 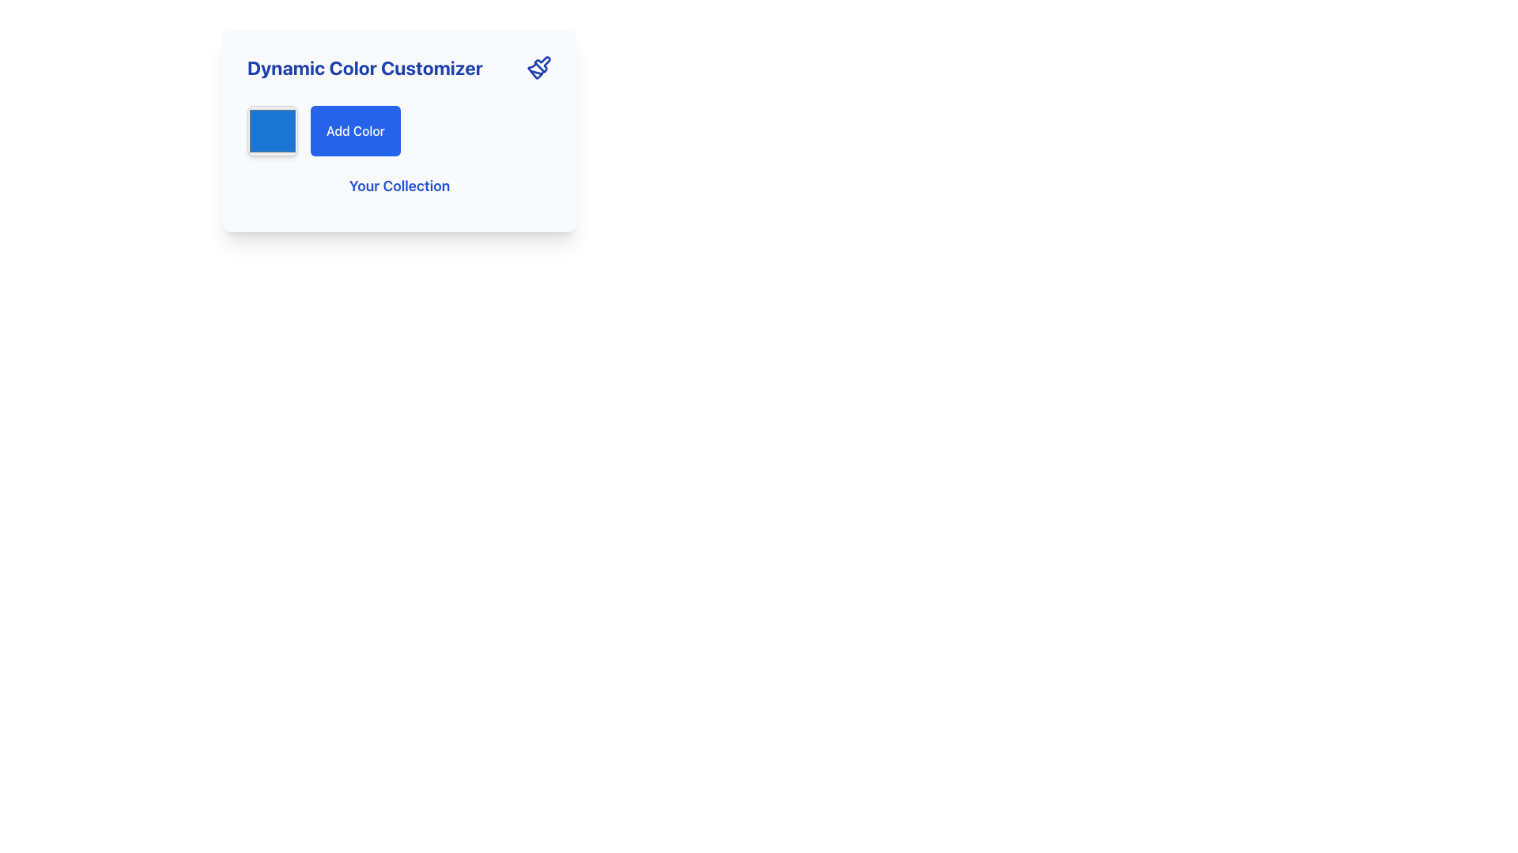 I want to click on the text label displaying 'Your Collection', which is styled with a bold and enlarged blue font, located in the lower portion of the panel beneath the 'Add Color' button, so click(x=399, y=190).